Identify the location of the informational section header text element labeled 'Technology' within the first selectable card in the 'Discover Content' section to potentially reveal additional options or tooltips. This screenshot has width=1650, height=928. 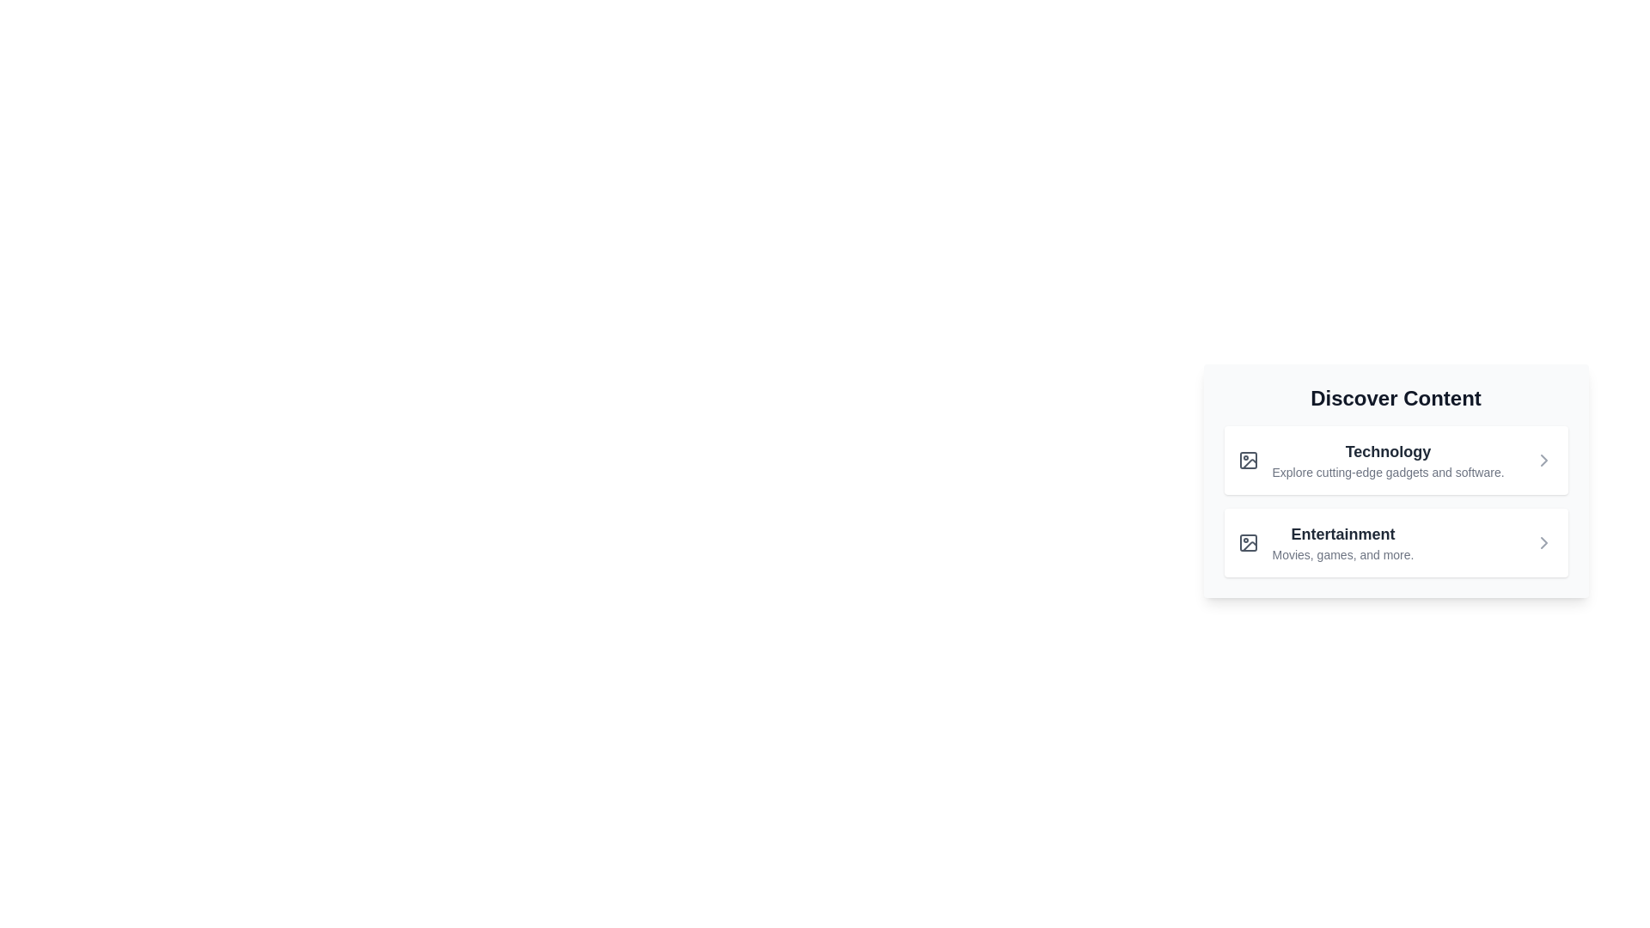
(1388, 460).